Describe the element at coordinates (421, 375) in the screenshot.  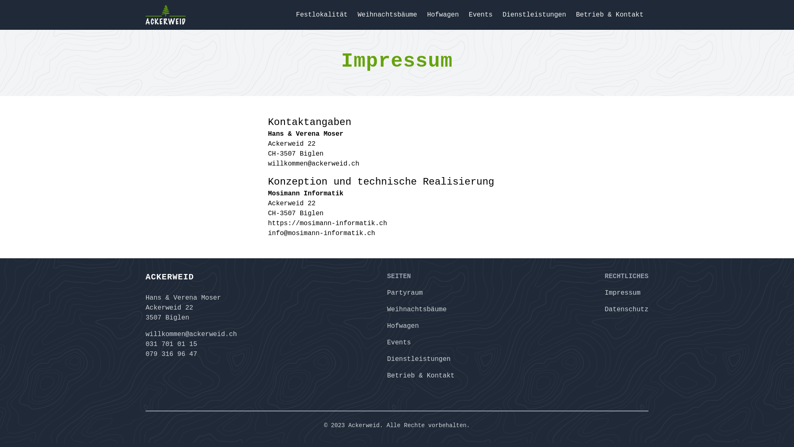
I see `'Betrieb & Kontakt'` at that location.